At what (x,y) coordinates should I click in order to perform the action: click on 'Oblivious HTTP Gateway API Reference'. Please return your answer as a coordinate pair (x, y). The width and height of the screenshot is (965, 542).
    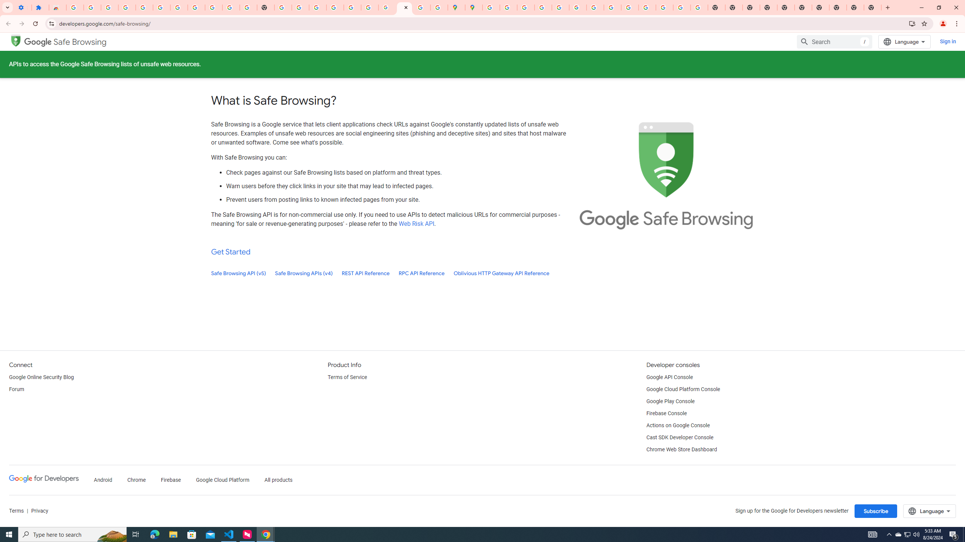
    Looking at the image, I should click on (501, 273).